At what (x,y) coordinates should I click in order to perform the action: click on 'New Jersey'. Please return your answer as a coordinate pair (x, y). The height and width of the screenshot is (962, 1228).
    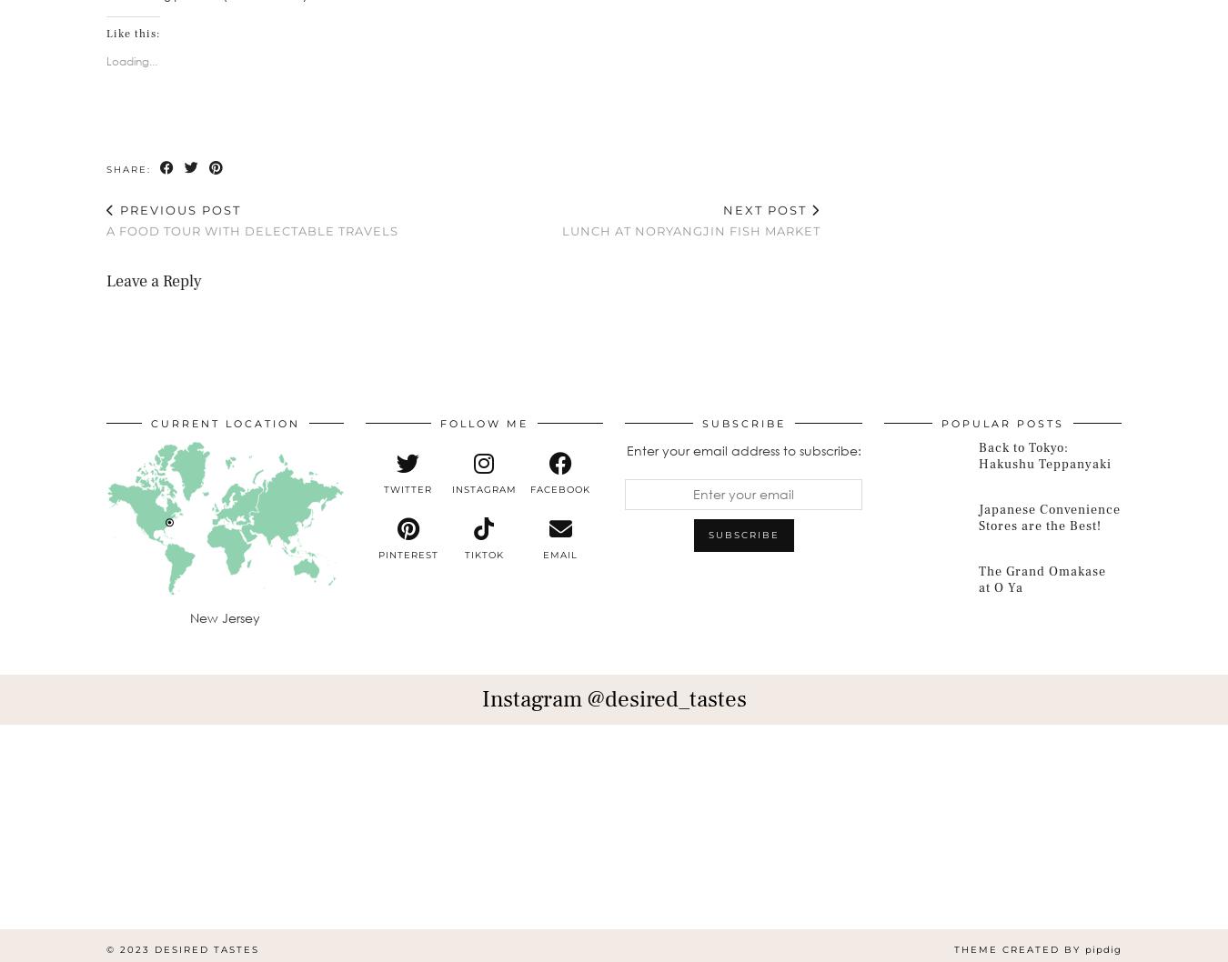
    Looking at the image, I should click on (224, 616).